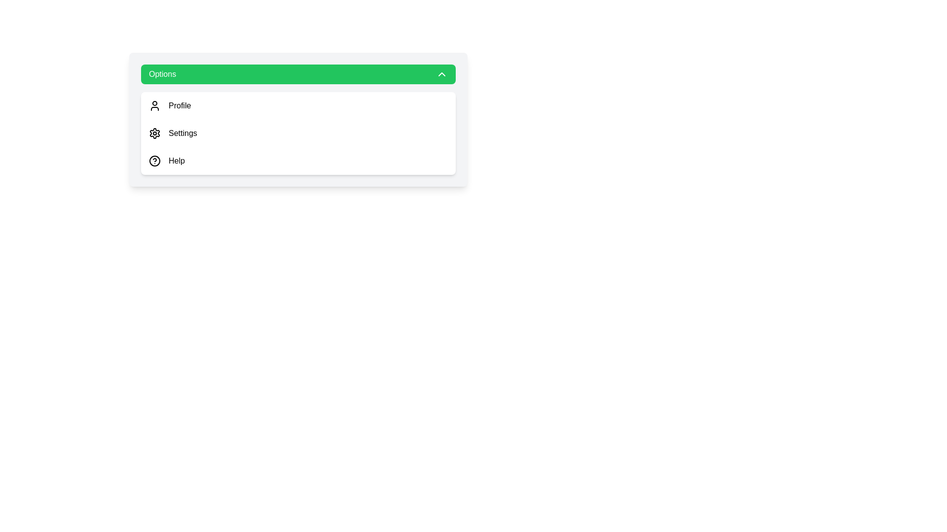  I want to click on text from the descriptive text label located in the lower section of the dropdown menu, positioned to the right of the help icon, so click(177, 161).